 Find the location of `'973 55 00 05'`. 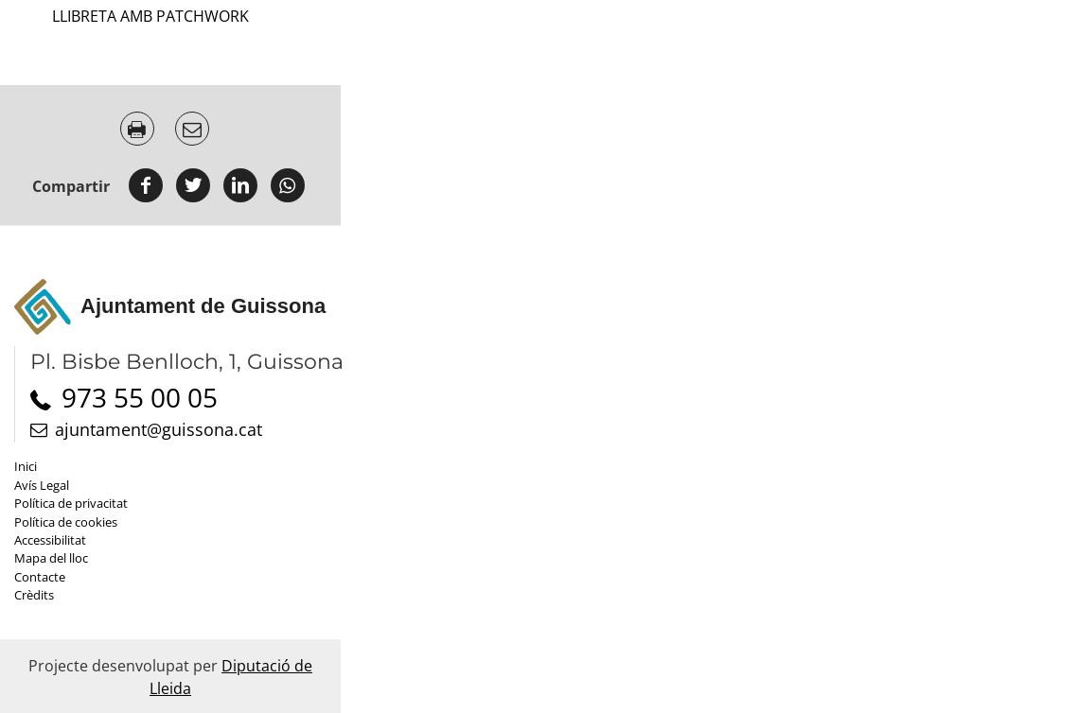

'973 55 00 05' is located at coordinates (139, 396).